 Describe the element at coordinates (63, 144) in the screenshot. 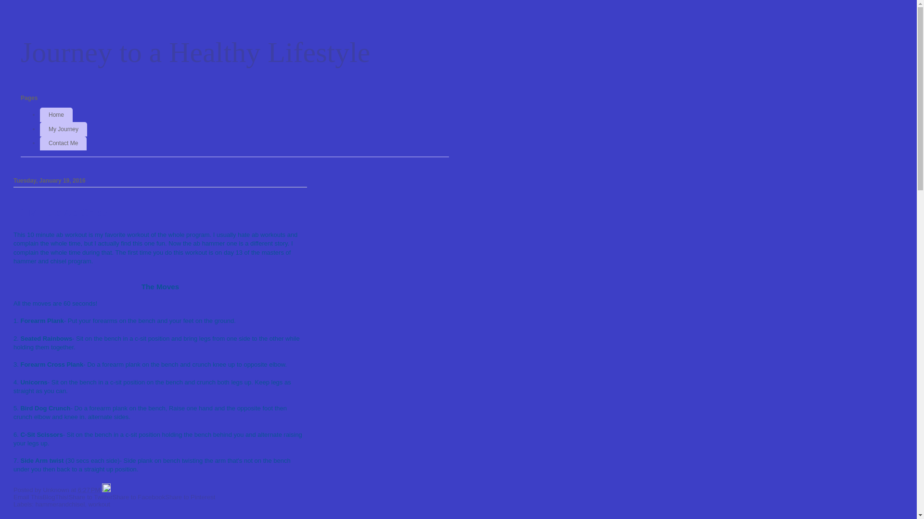

I see `'Contact Me'` at that location.